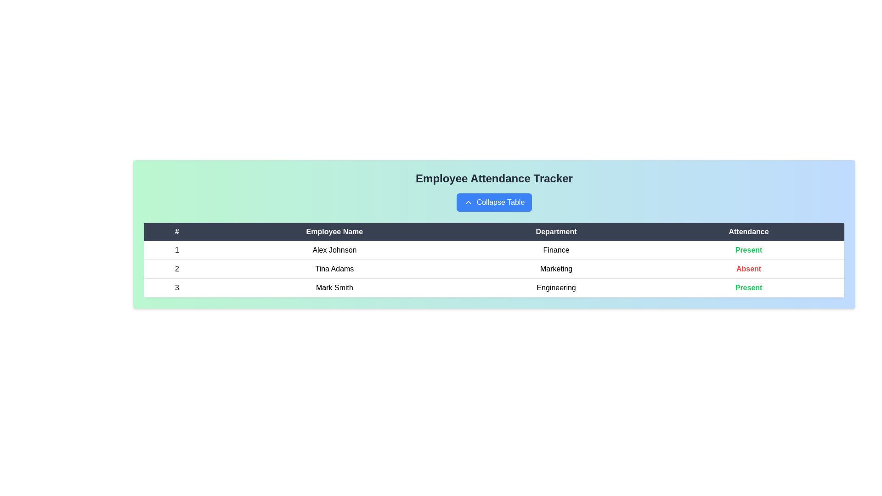  I want to click on the 'Collapse Table' button to toggle the table's visibility, so click(493, 202).